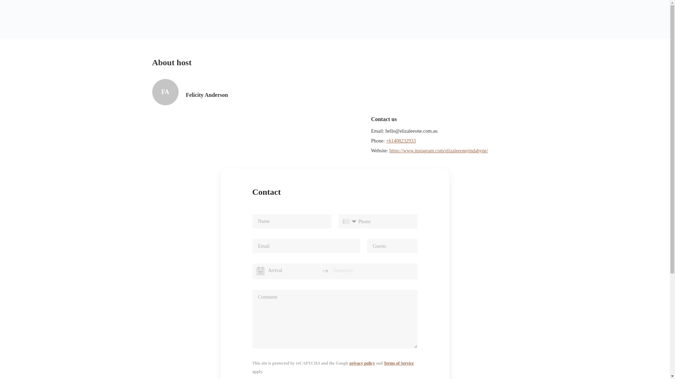 This screenshot has height=379, width=675. I want to click on '+61408232933', so click(401, 141).